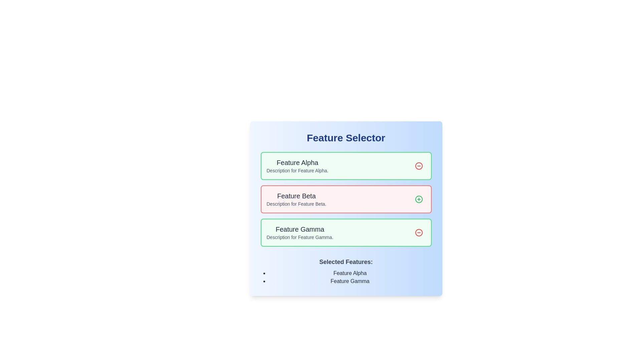 Image resolution: width=641 pixels, height=360 pixels. I want to click on the bold, medium-sized text labeled 'Feature Gamma' within the light green rectangular area under the 'Feature Selector' heading, so click(299, 229).